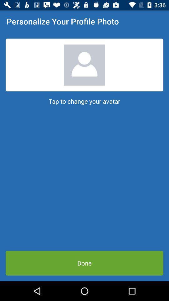 The height and width of the screenshot is (301, 169). I want to click on the item above tap to change item, so click(84, 65).